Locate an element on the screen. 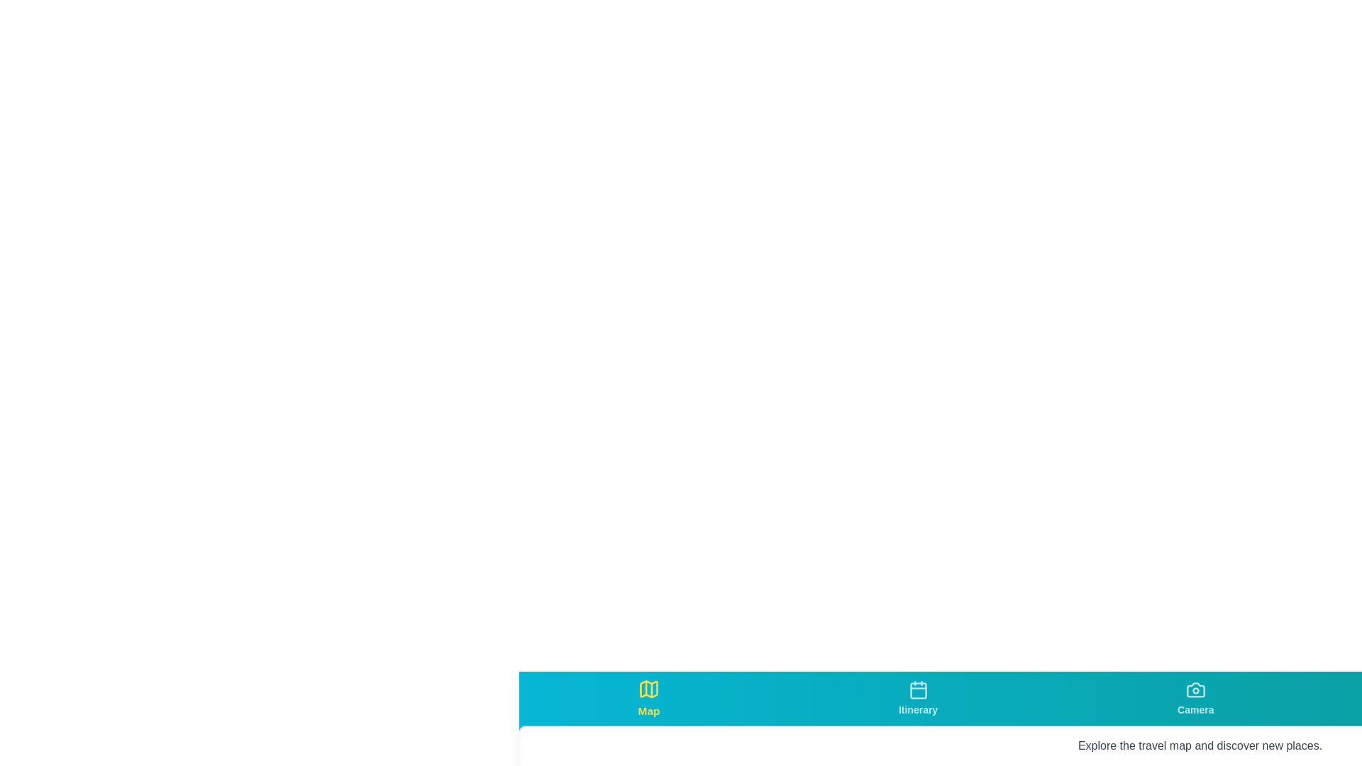  the Camera tab to activate it is located at coordinates (1195, 697).